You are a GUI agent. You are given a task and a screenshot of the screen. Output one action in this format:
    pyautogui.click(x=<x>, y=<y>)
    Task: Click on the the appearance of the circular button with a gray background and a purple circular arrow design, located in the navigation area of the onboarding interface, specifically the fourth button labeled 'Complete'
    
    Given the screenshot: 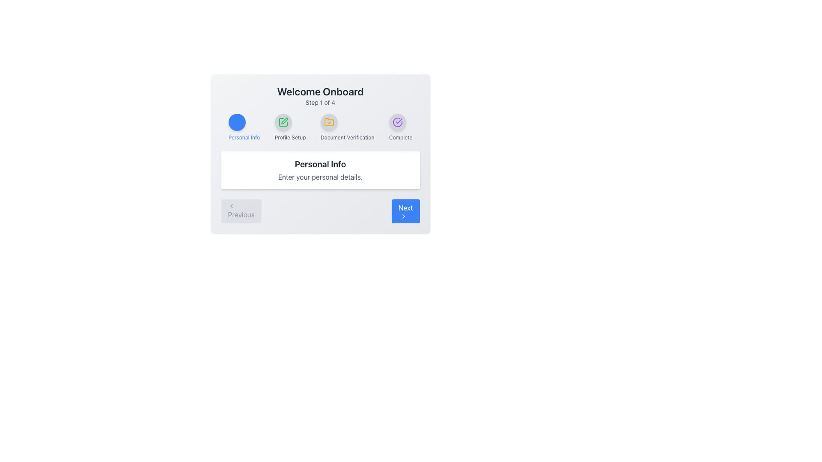 What is the action you would take?
    pyautogui.click(x=397, y=122)
    